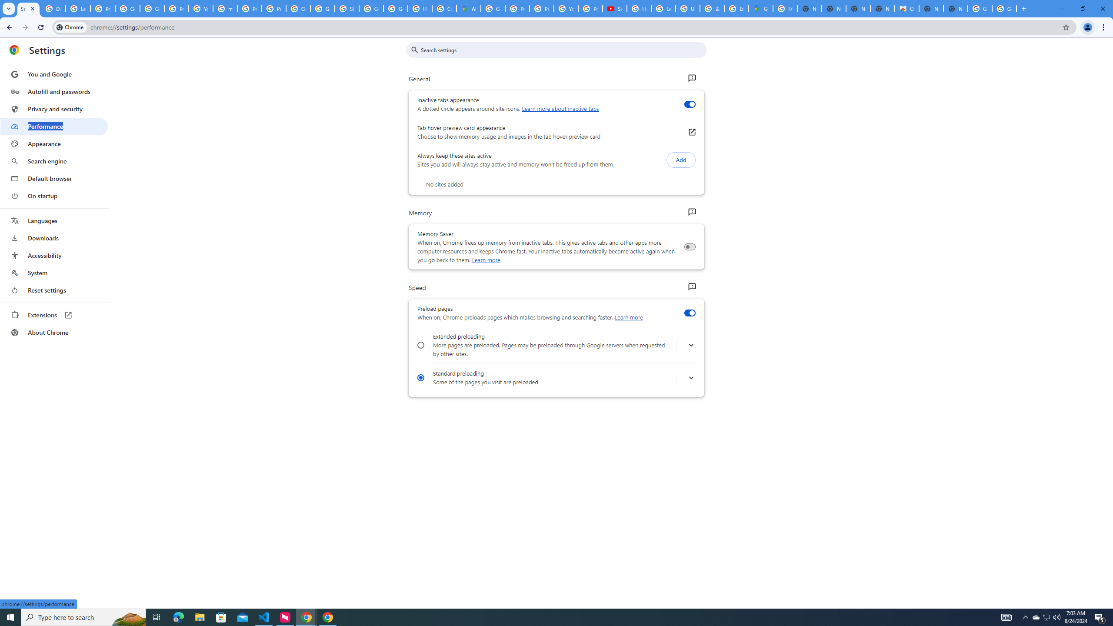 The width and height of the screenshot is (1113, 626). I want to click on 'Privacy and security', so click(53, 108).